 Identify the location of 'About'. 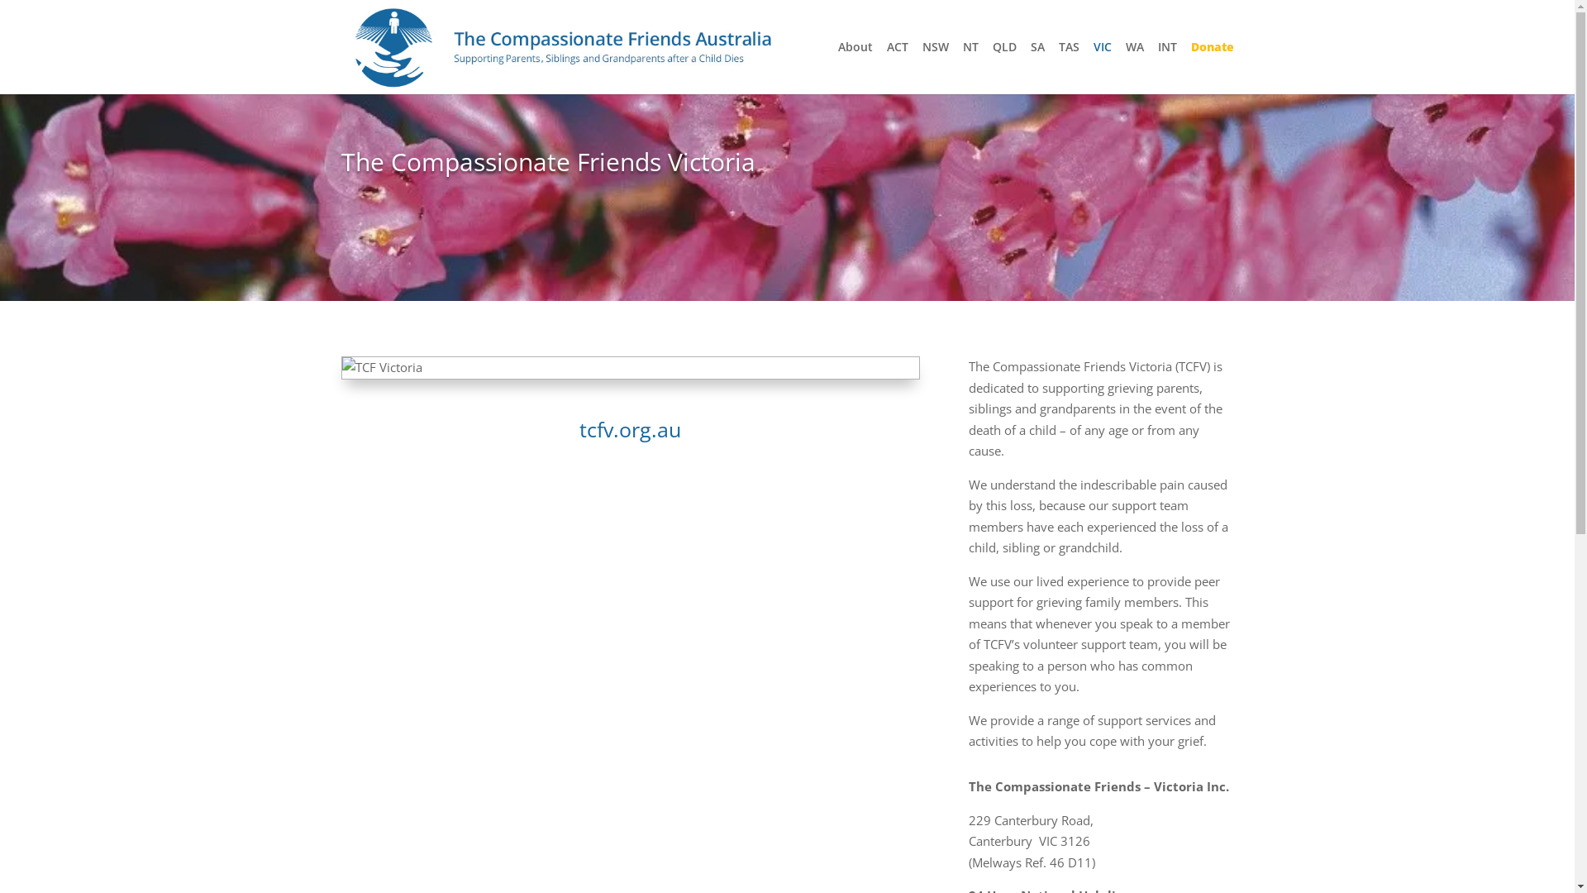
(855, 66).